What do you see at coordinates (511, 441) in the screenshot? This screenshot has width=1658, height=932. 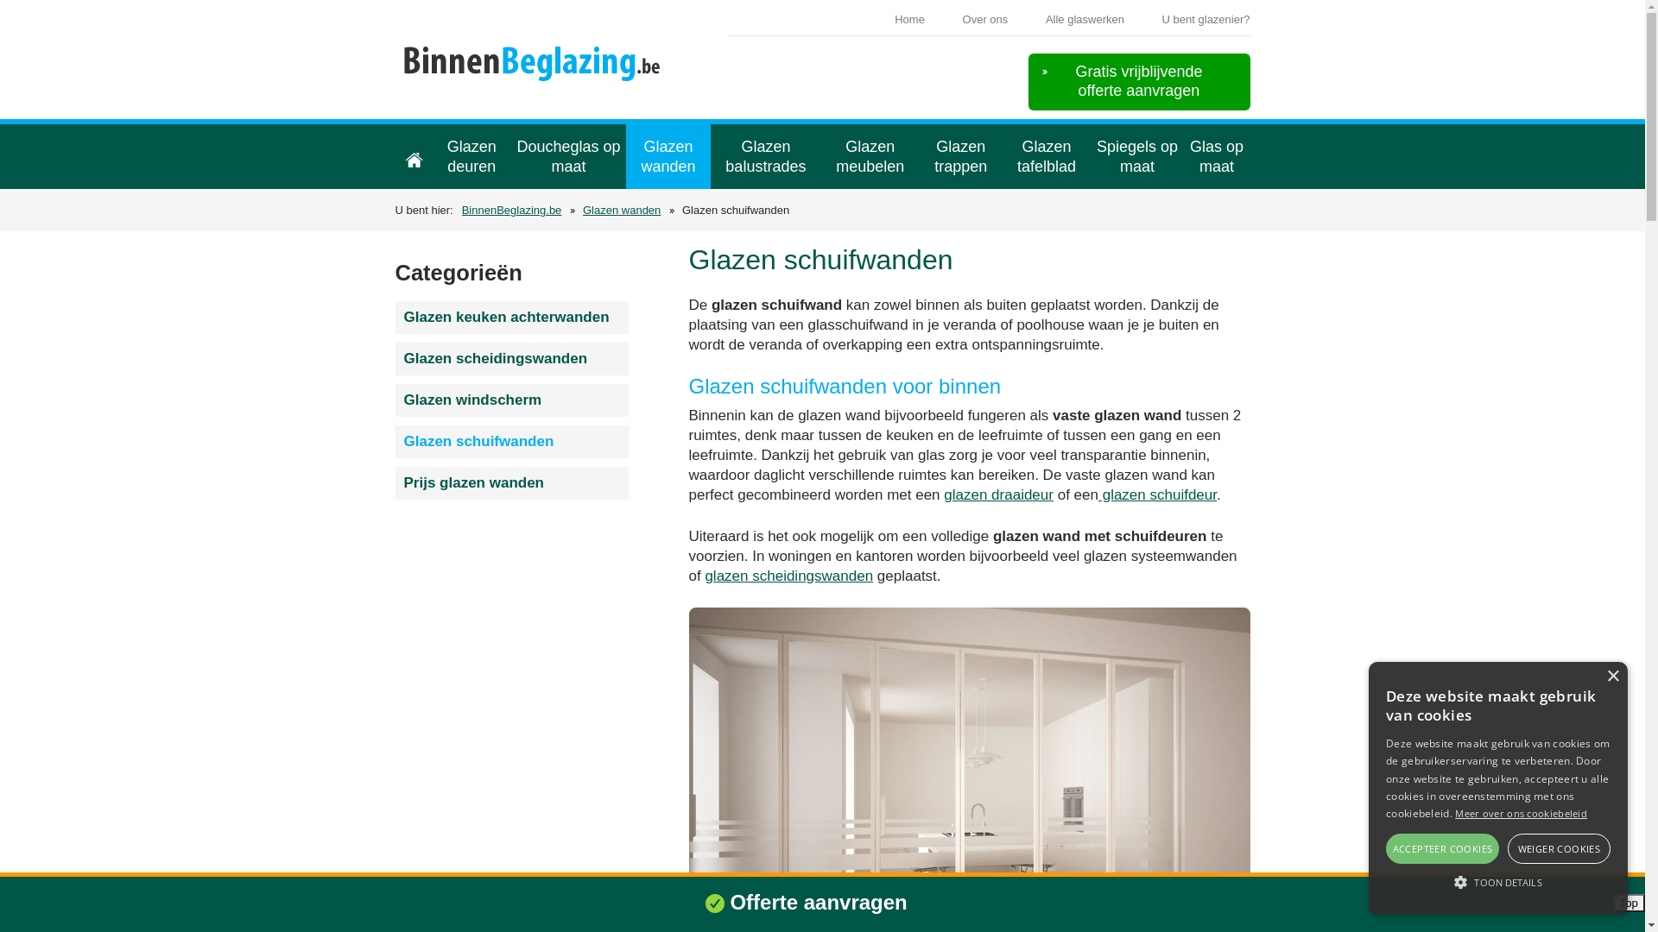 I see `'Glazen schuifwanden'` at bounding box center [511, 441].